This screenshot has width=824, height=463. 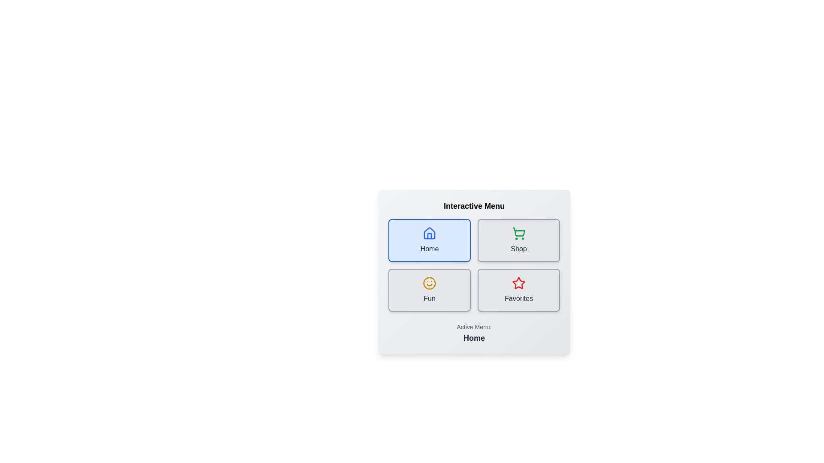 What do you see at coordinates (430, 290) in the screenshot?
I see `the button labeled Fun to observe the hover effect` at bounding box center [430, 290].